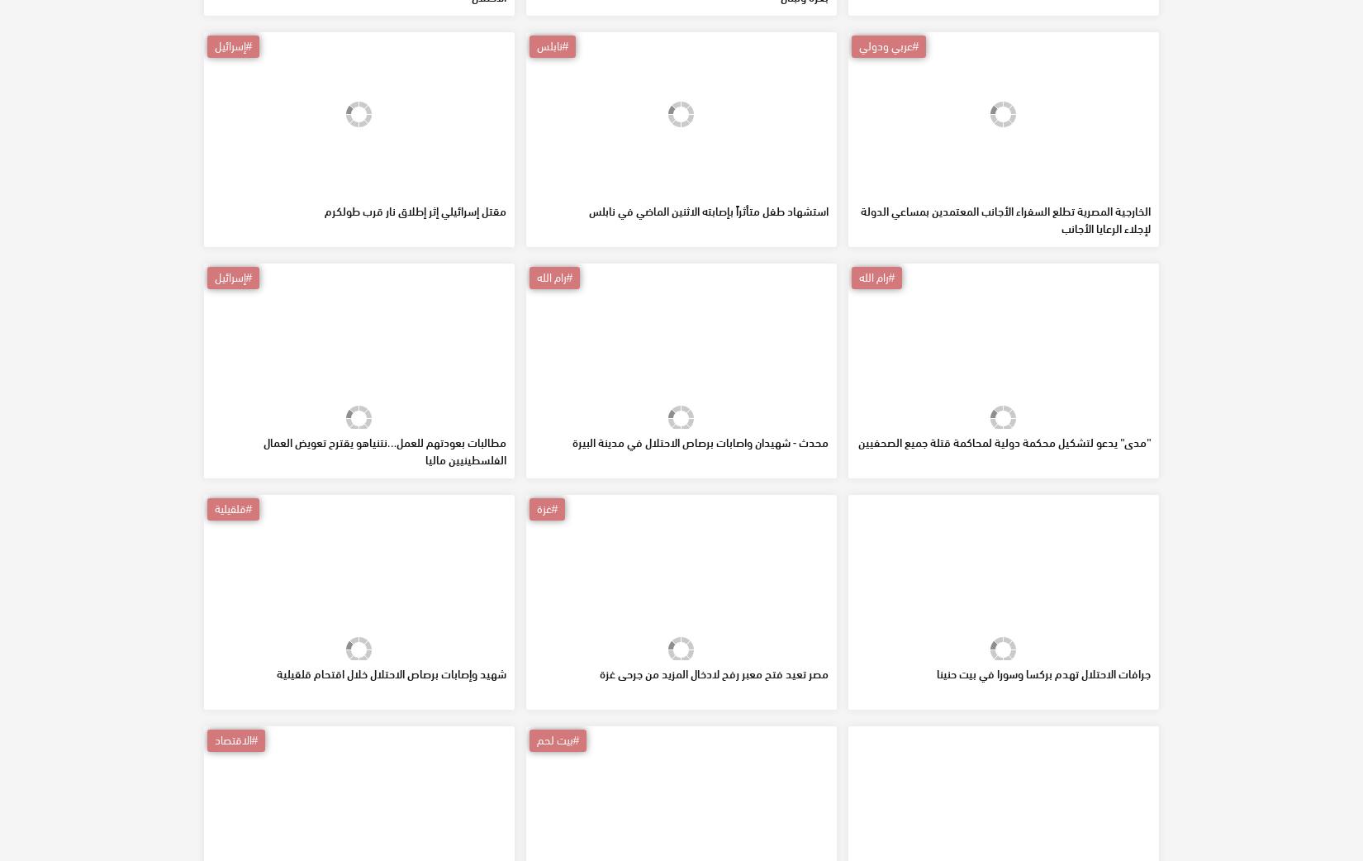  What do you see at coordinates (700, 561) in the screenshot?
I see `'محدث - شهيدان واصابات برصاص الاحتلال في مدينة البيرة'` at bounding box center [700, 561].